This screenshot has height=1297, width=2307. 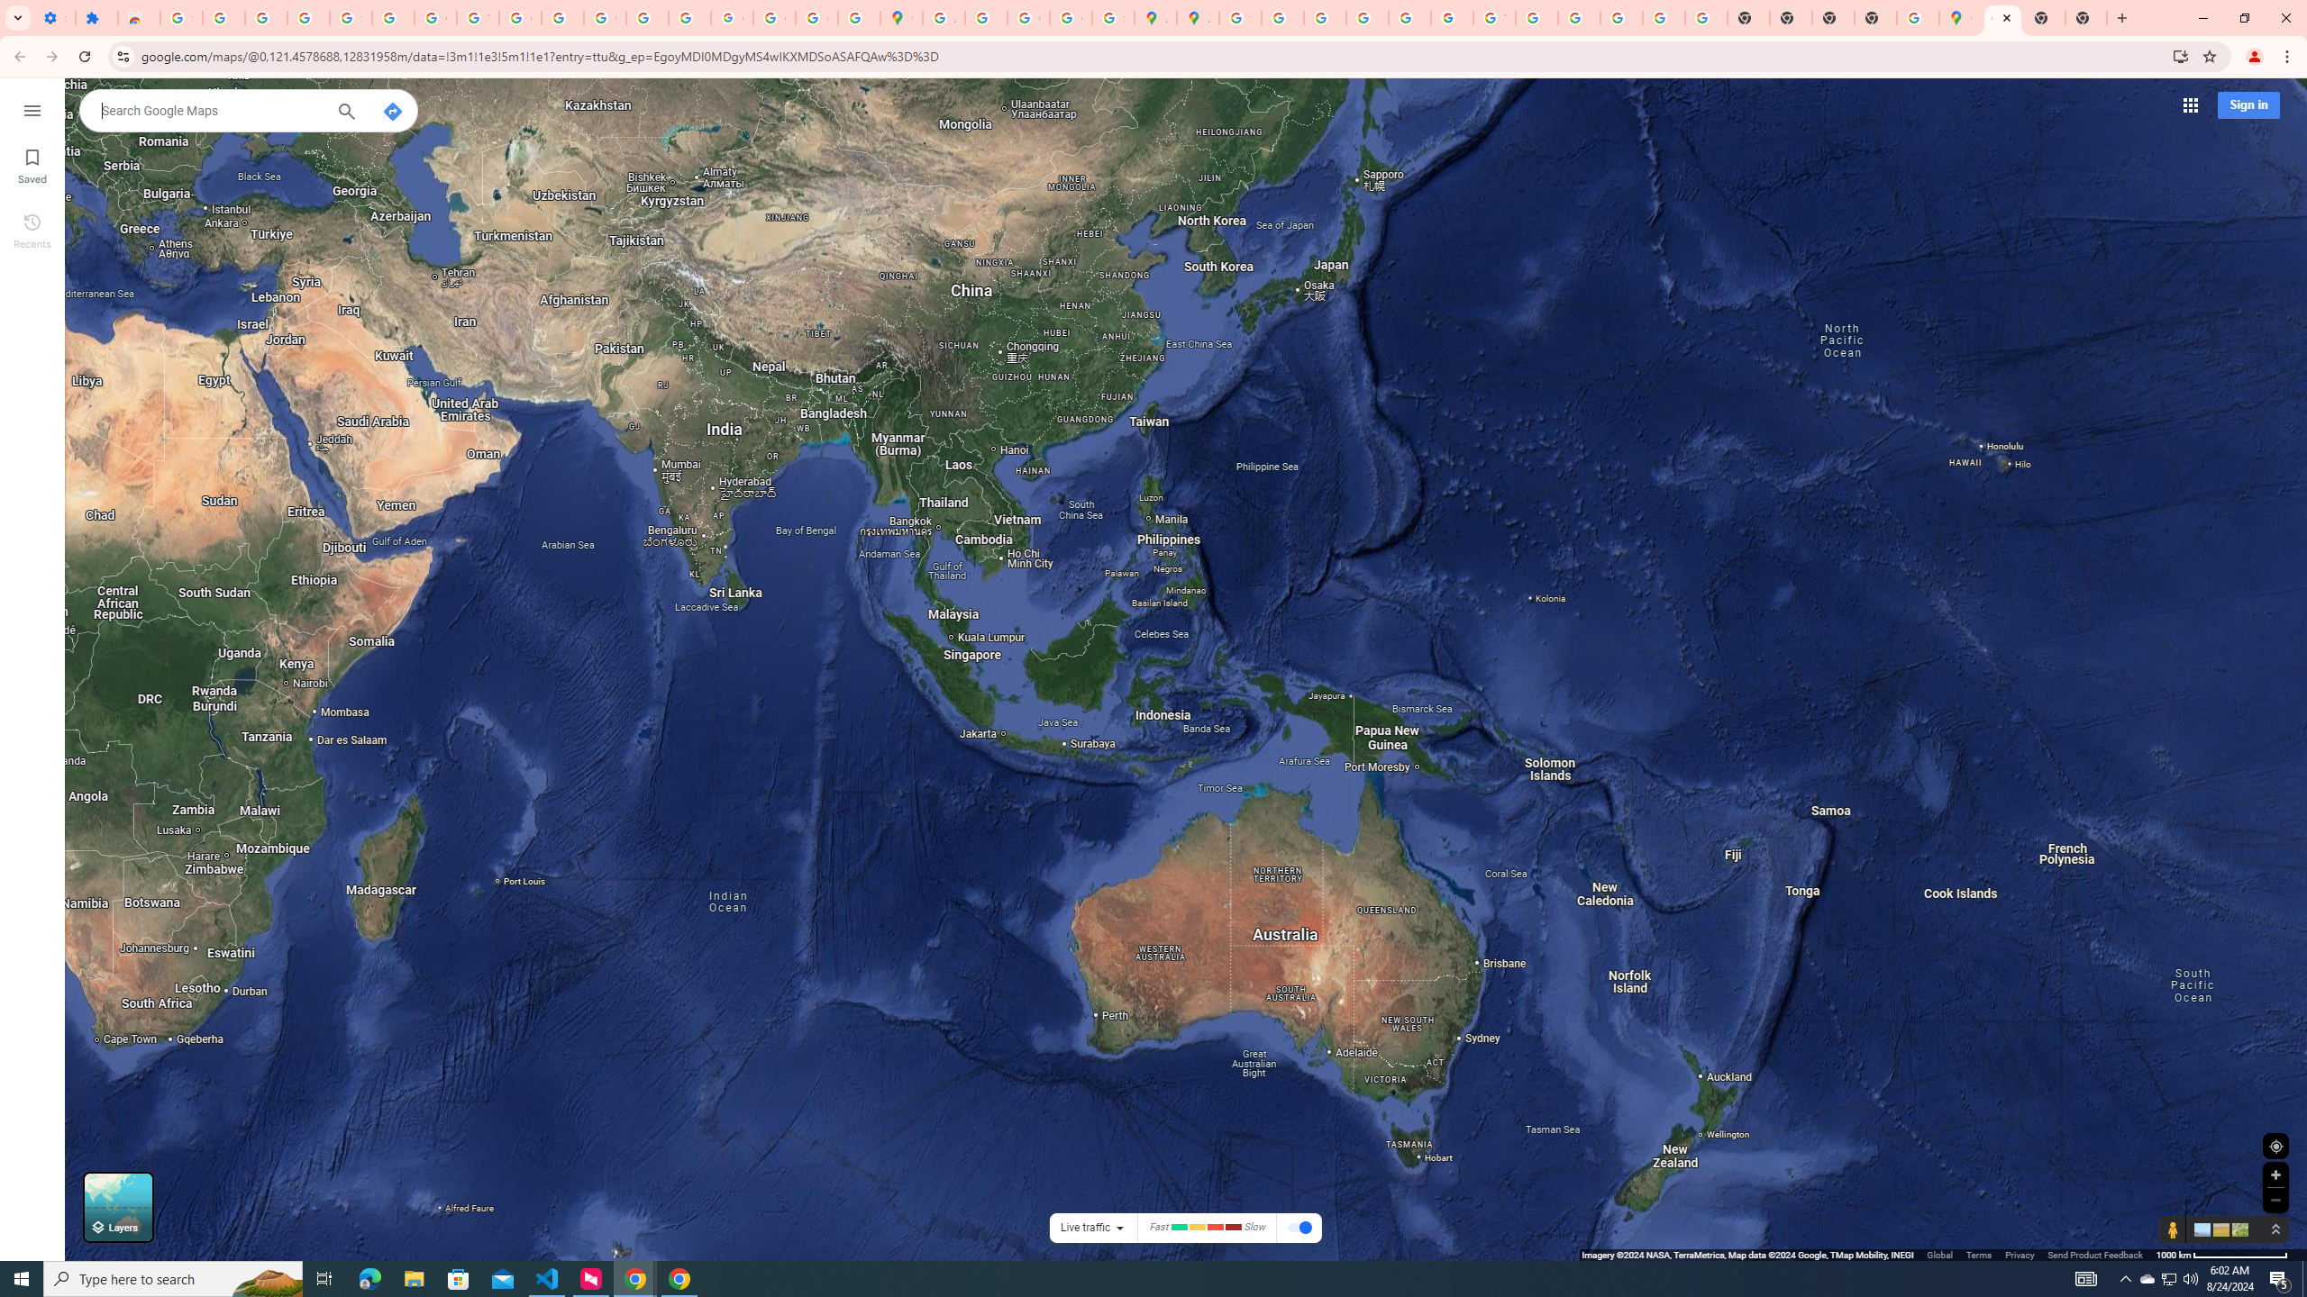 What do you see at coordinates (350, 17) in the screenshot?
I see `'Sign in - Google Accounts'` at bounding box center [350, 17].